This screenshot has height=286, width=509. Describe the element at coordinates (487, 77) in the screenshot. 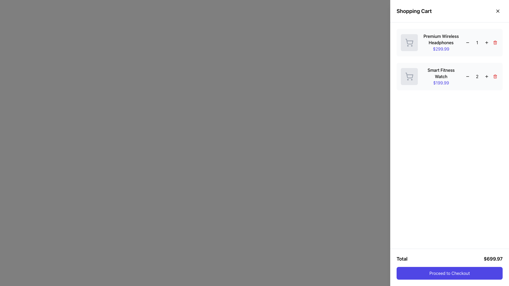

I see `the plus button located next to the quantity indicator for the 'Smart Fitness Watch' in the shopping cart interface for keyboard interaction` at that location.